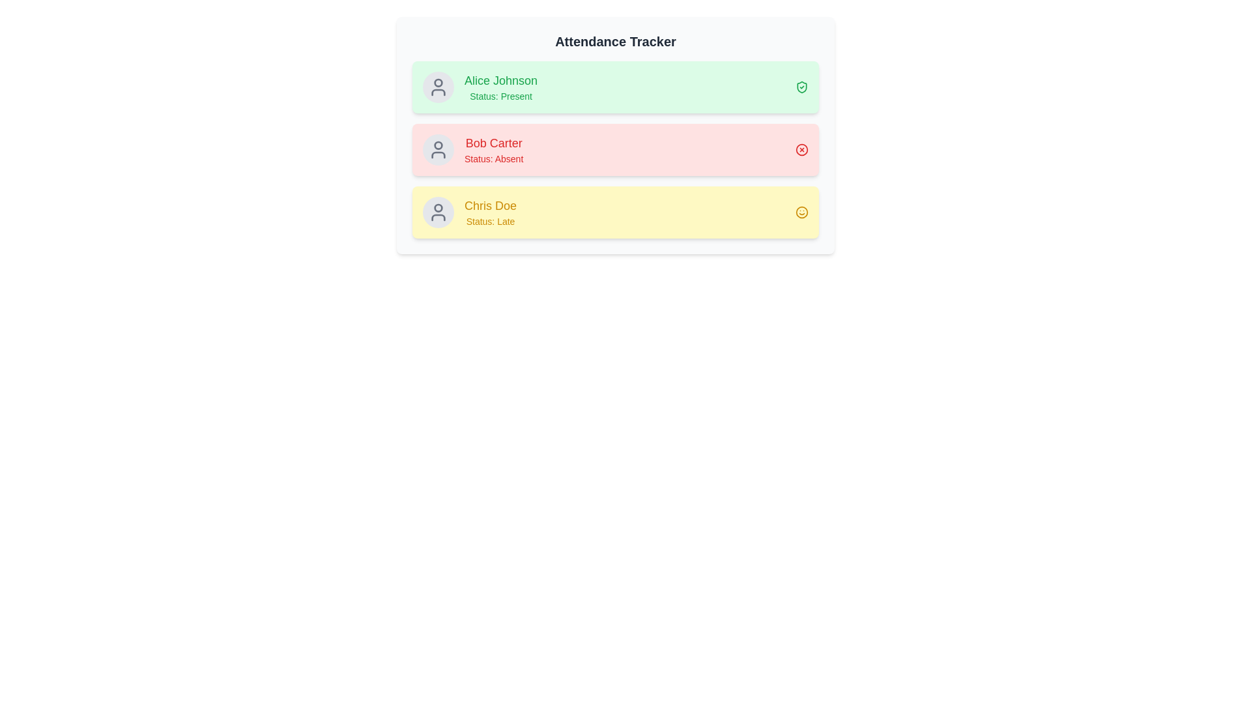 This screenshot has width=1251, height=704. I want to click on the user profile icon, which is an outlined figure of a person, located next to 'Bob Carter' in the user list, so click(438, 87).